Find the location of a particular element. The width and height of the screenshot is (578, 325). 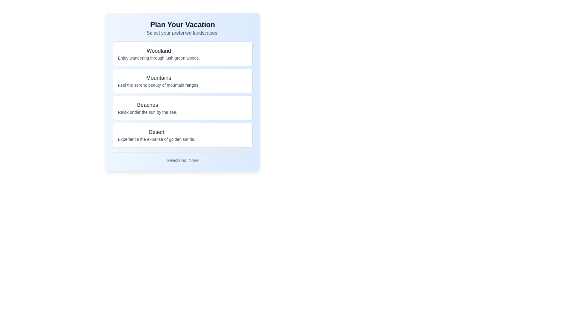

the text label reading 'Enjoy wandering through lush green woods.' which is styled in small gray font and positioned below the bold title 'Woodland' is located at coordinates (159, 58).